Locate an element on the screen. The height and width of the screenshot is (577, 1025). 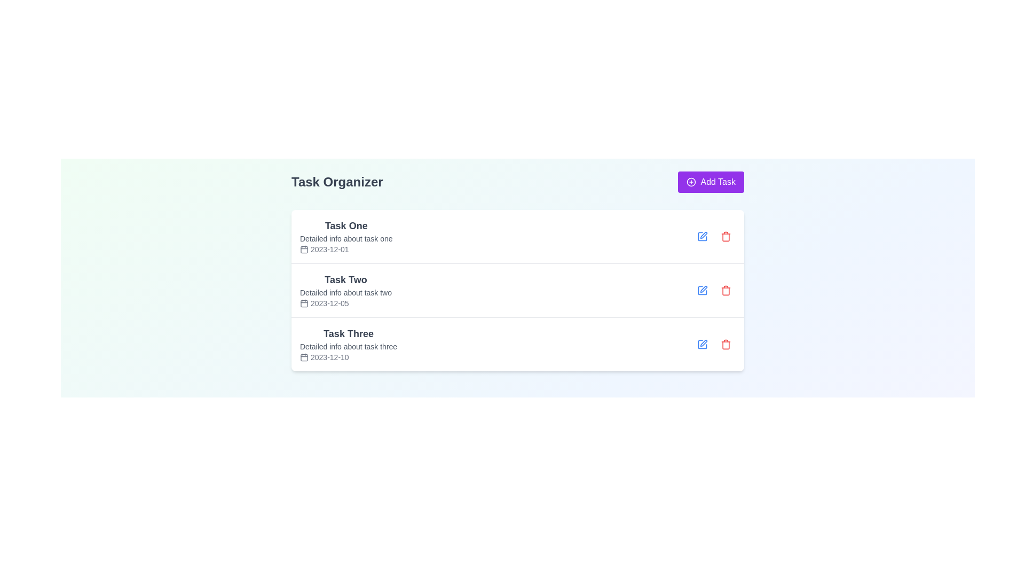
the first task item in the task manager interface is located at coordinates (346, 236).